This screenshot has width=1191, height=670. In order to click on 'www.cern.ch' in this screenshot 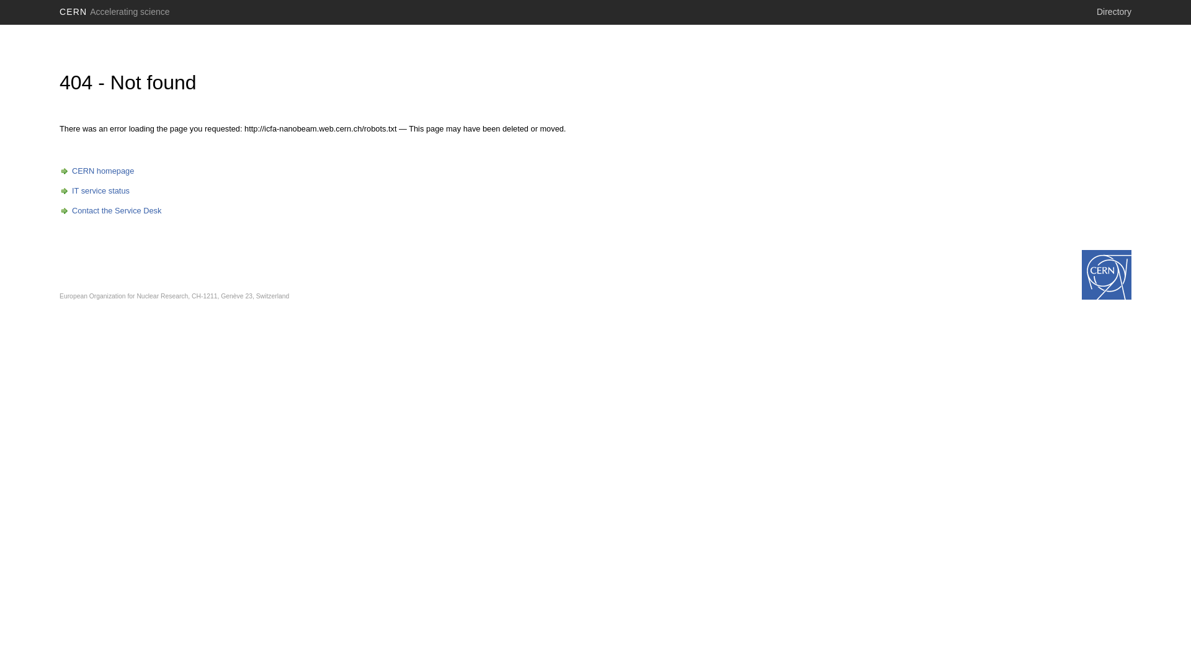, I will do `click(1107, 274)`.